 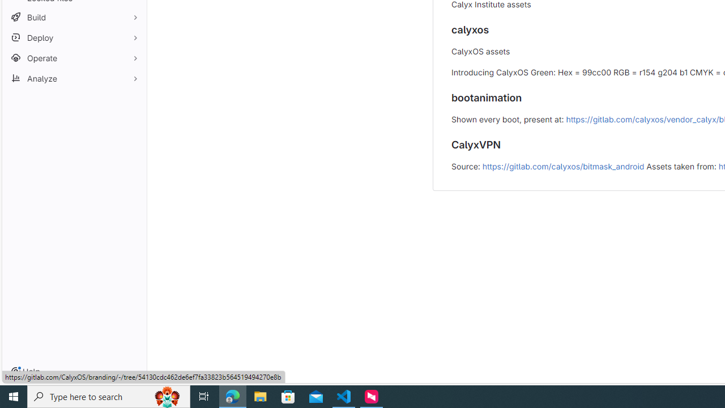 I want to click on 'Build', so click(x=74, y=17).